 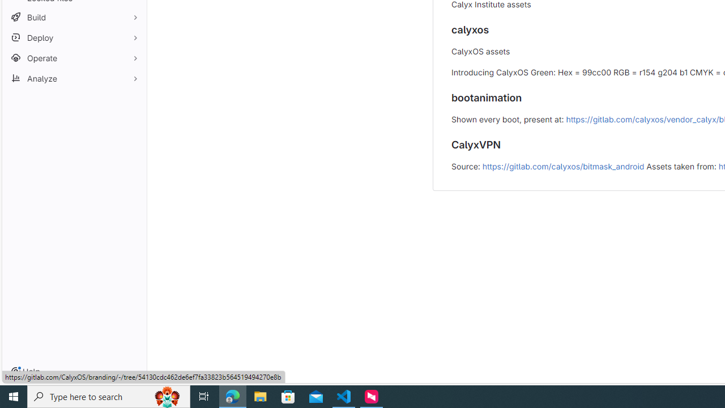 I want to click on 'Build', so click(x=74, y=17).